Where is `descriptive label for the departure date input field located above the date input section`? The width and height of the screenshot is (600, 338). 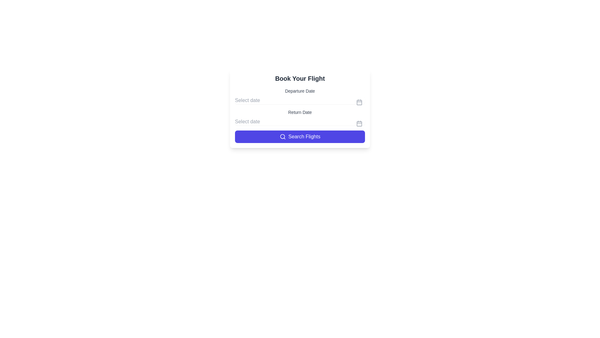 descriptive label for the departure date input field located above the date input section is located at coordinates (300, 91).